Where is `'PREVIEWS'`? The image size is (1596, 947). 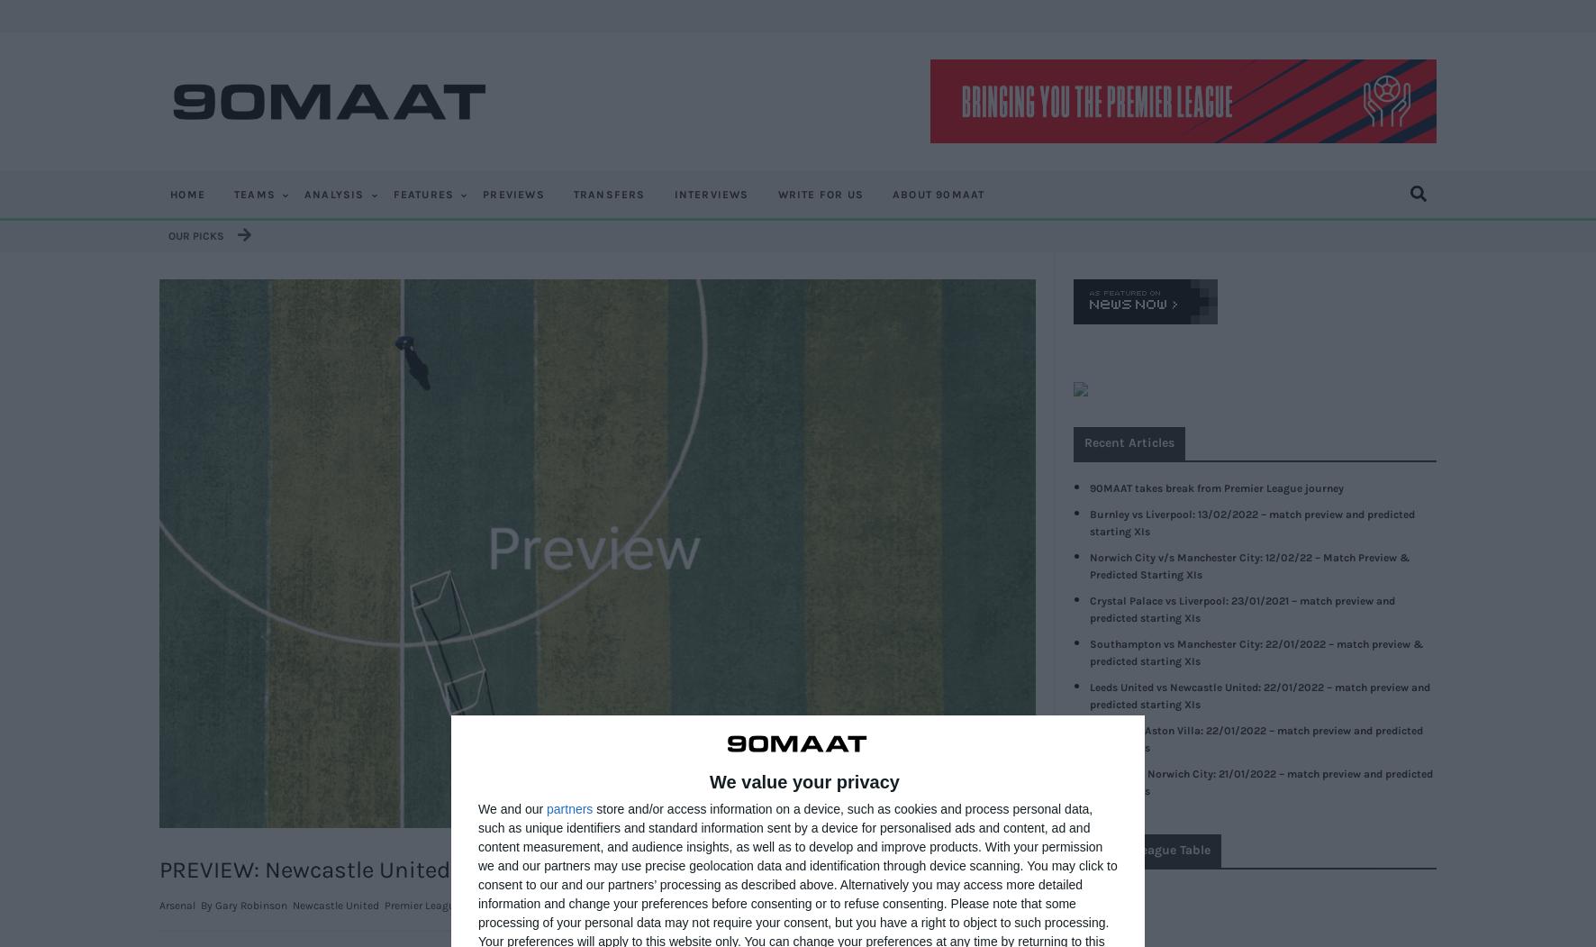
'PREVIEWS' is located at coordinates (513, 193).